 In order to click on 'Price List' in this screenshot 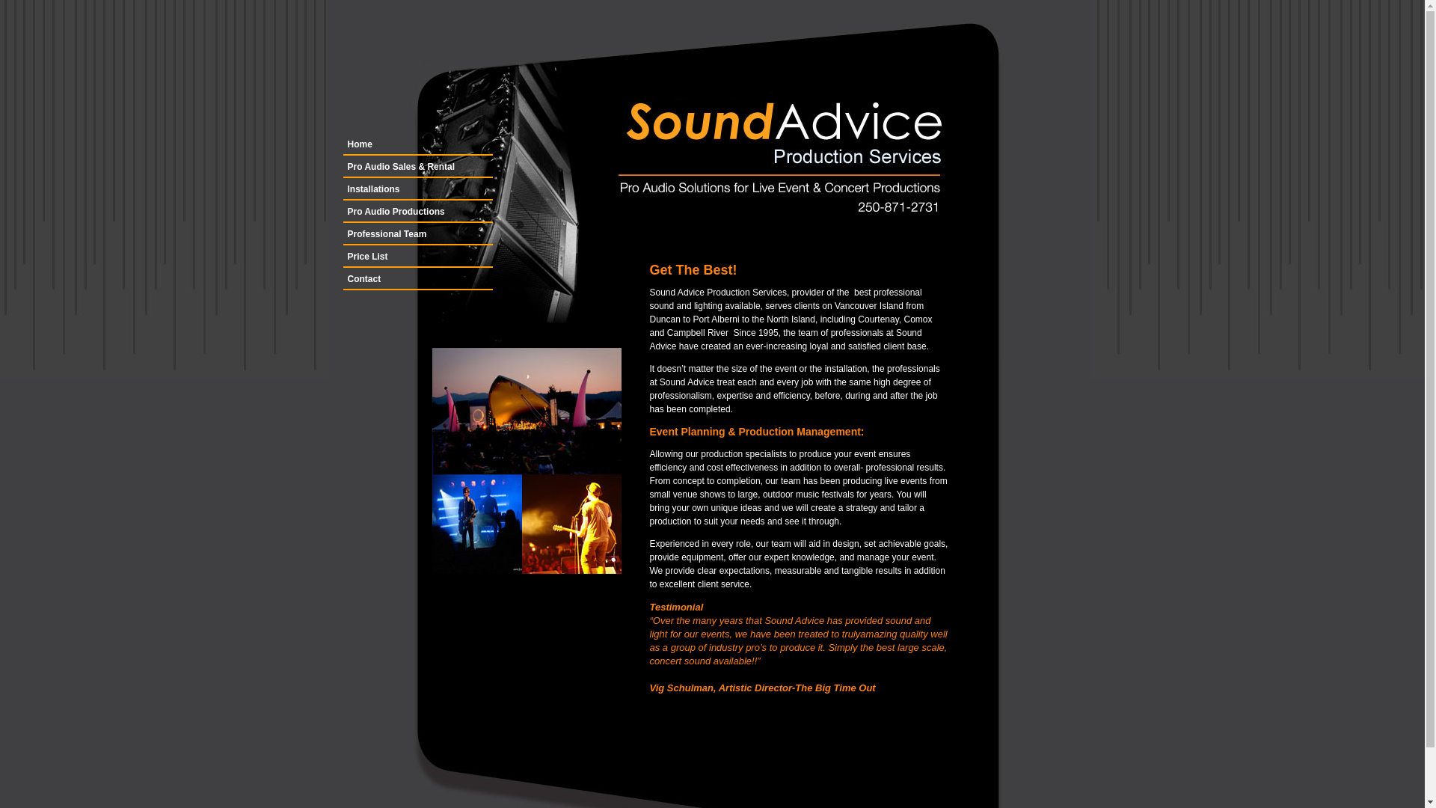, I will do `click(341, 256)`.